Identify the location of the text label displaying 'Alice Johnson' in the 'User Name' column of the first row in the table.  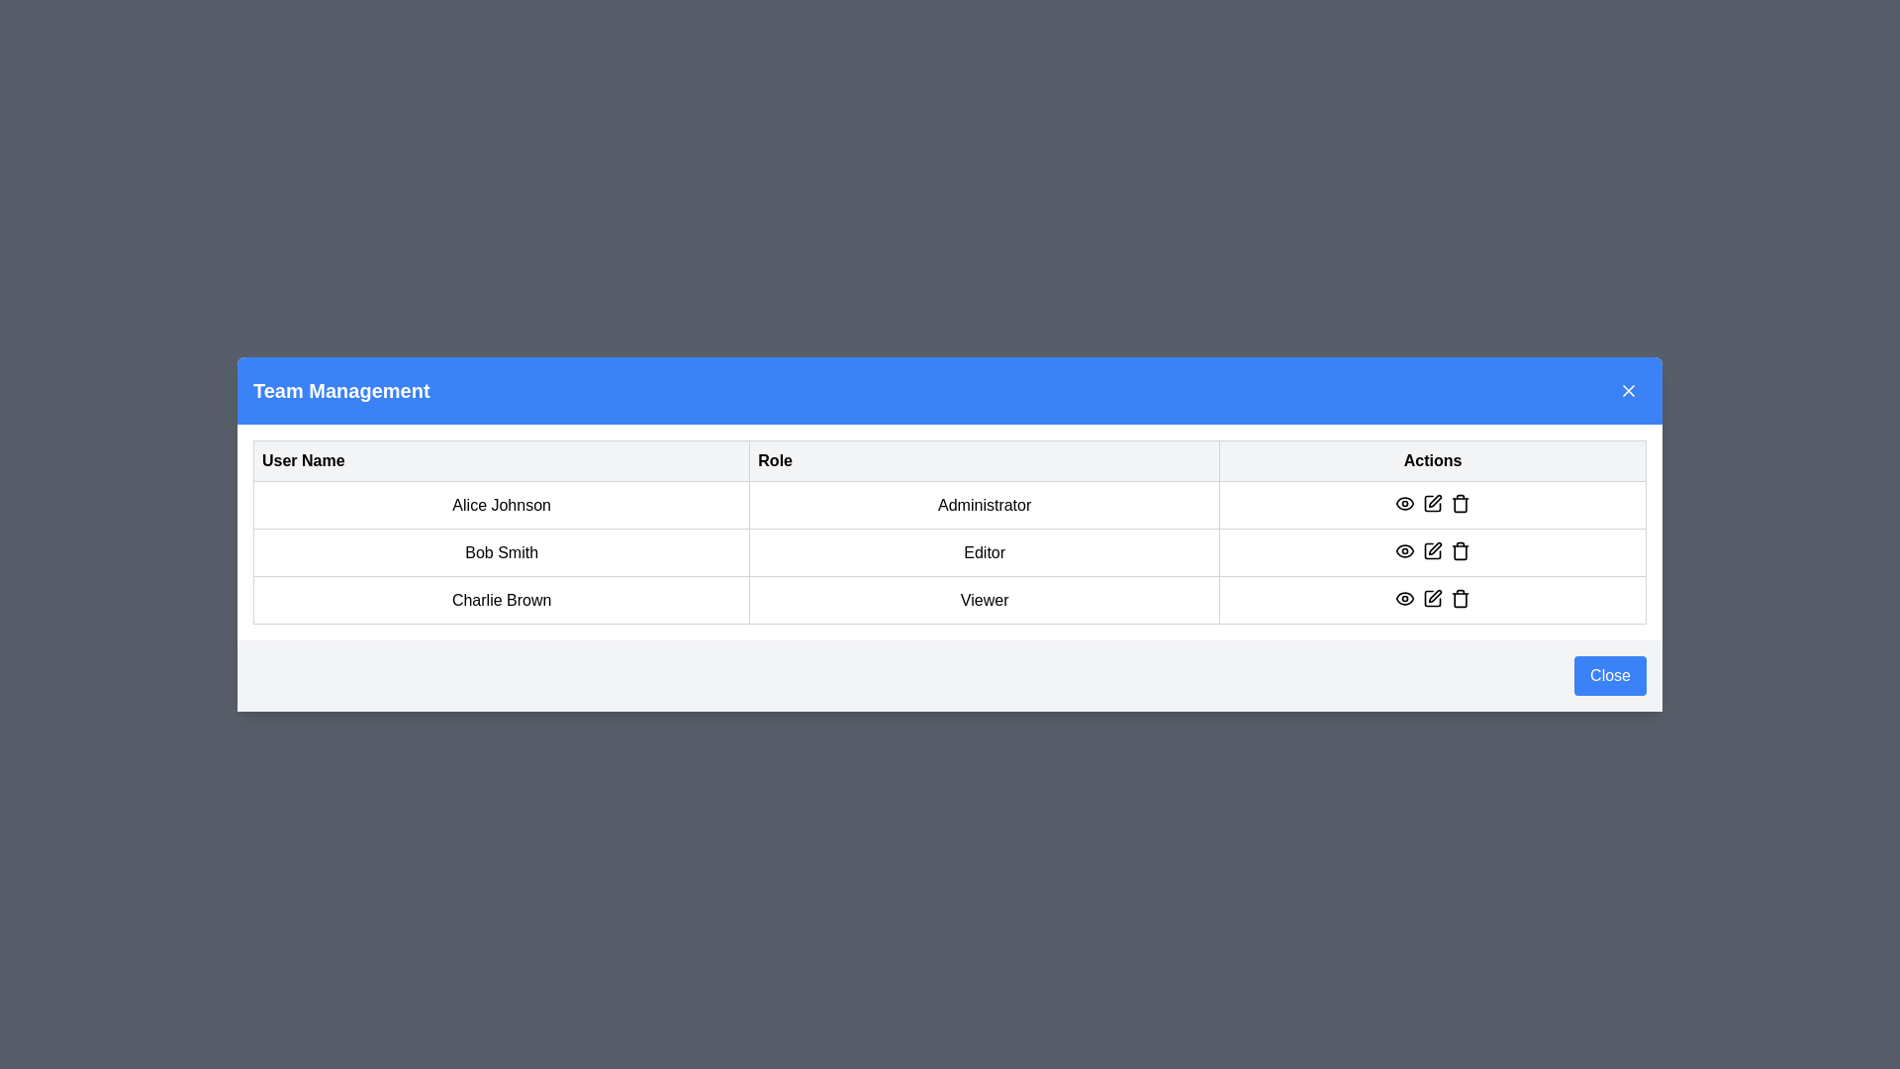
(502, 504).